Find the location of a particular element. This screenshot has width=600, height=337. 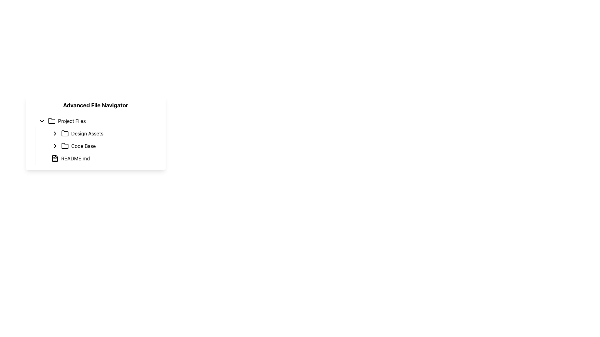

the main body of the file icon, which is a rectangular segment filled with white and outlined with a black border, located in the file navigation menu is located at coordinates (55, 158).